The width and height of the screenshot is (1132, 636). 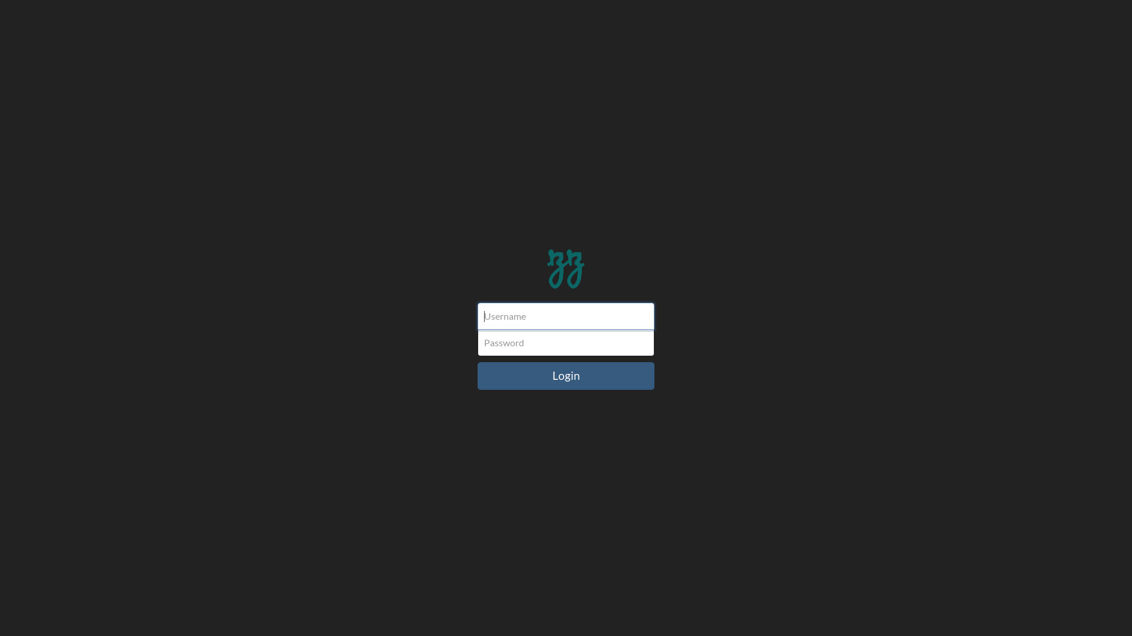 What do you see at coordinates (566, 375) in the screenshot?
I see `'Login'` at bounding box center [566, 375].